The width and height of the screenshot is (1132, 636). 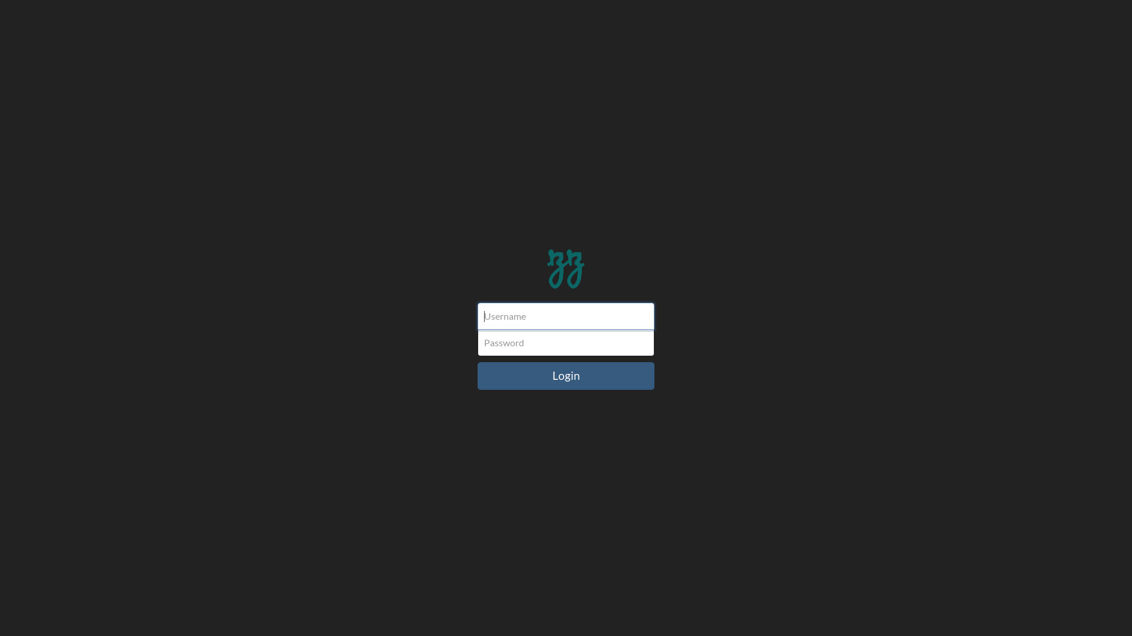 What do you see at coordinates (566, 375) in the screenshot?
I see `'Login'` at bounding box center [566, 375].